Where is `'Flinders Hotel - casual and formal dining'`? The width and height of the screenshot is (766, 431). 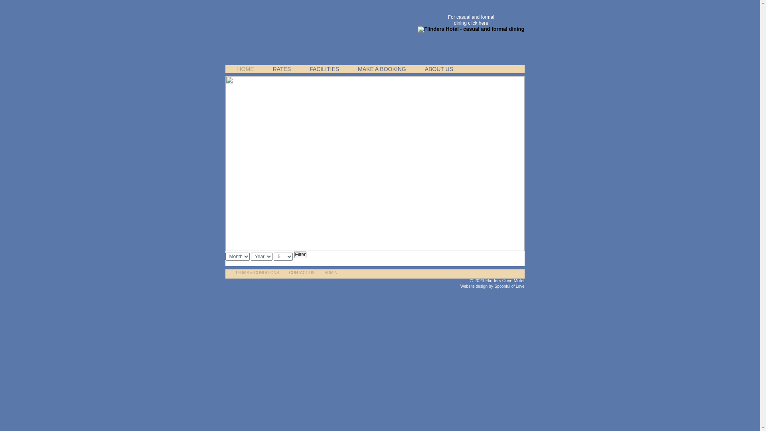 'Flinders Hotel - casual and formal dining' is located at coordinates (471, 29).